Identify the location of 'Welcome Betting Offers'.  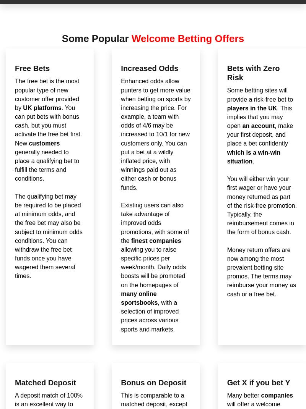
(187, 38).